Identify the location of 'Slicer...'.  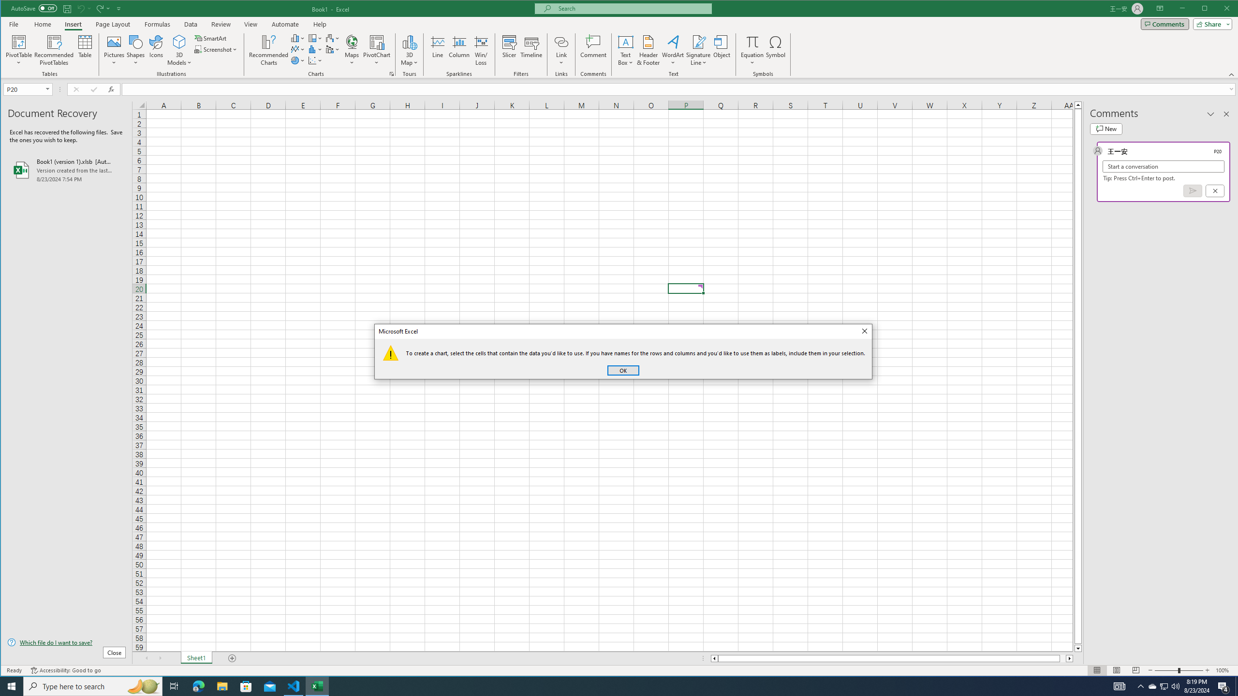
(509, 50).